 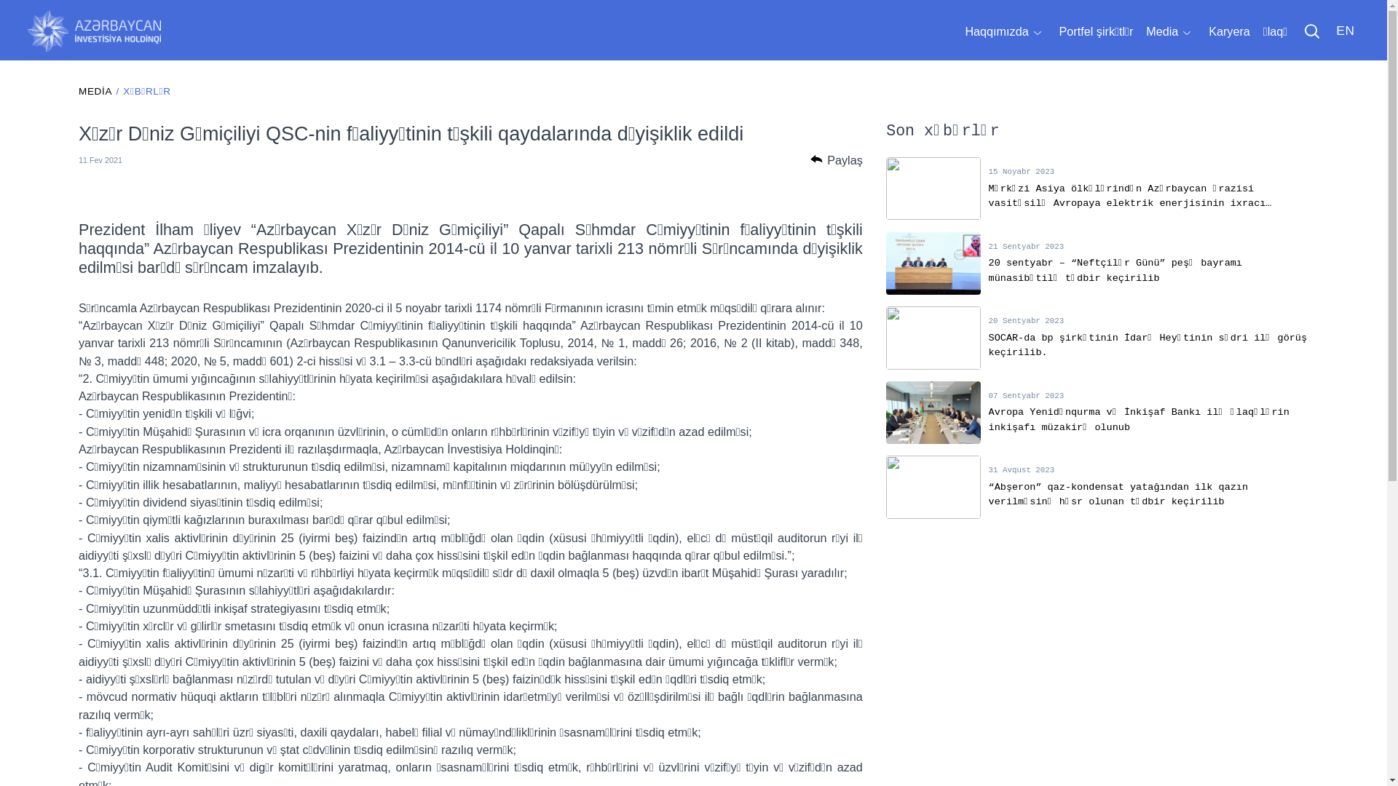 I want to click on 'Karyera', so click(x=1228, y=31).